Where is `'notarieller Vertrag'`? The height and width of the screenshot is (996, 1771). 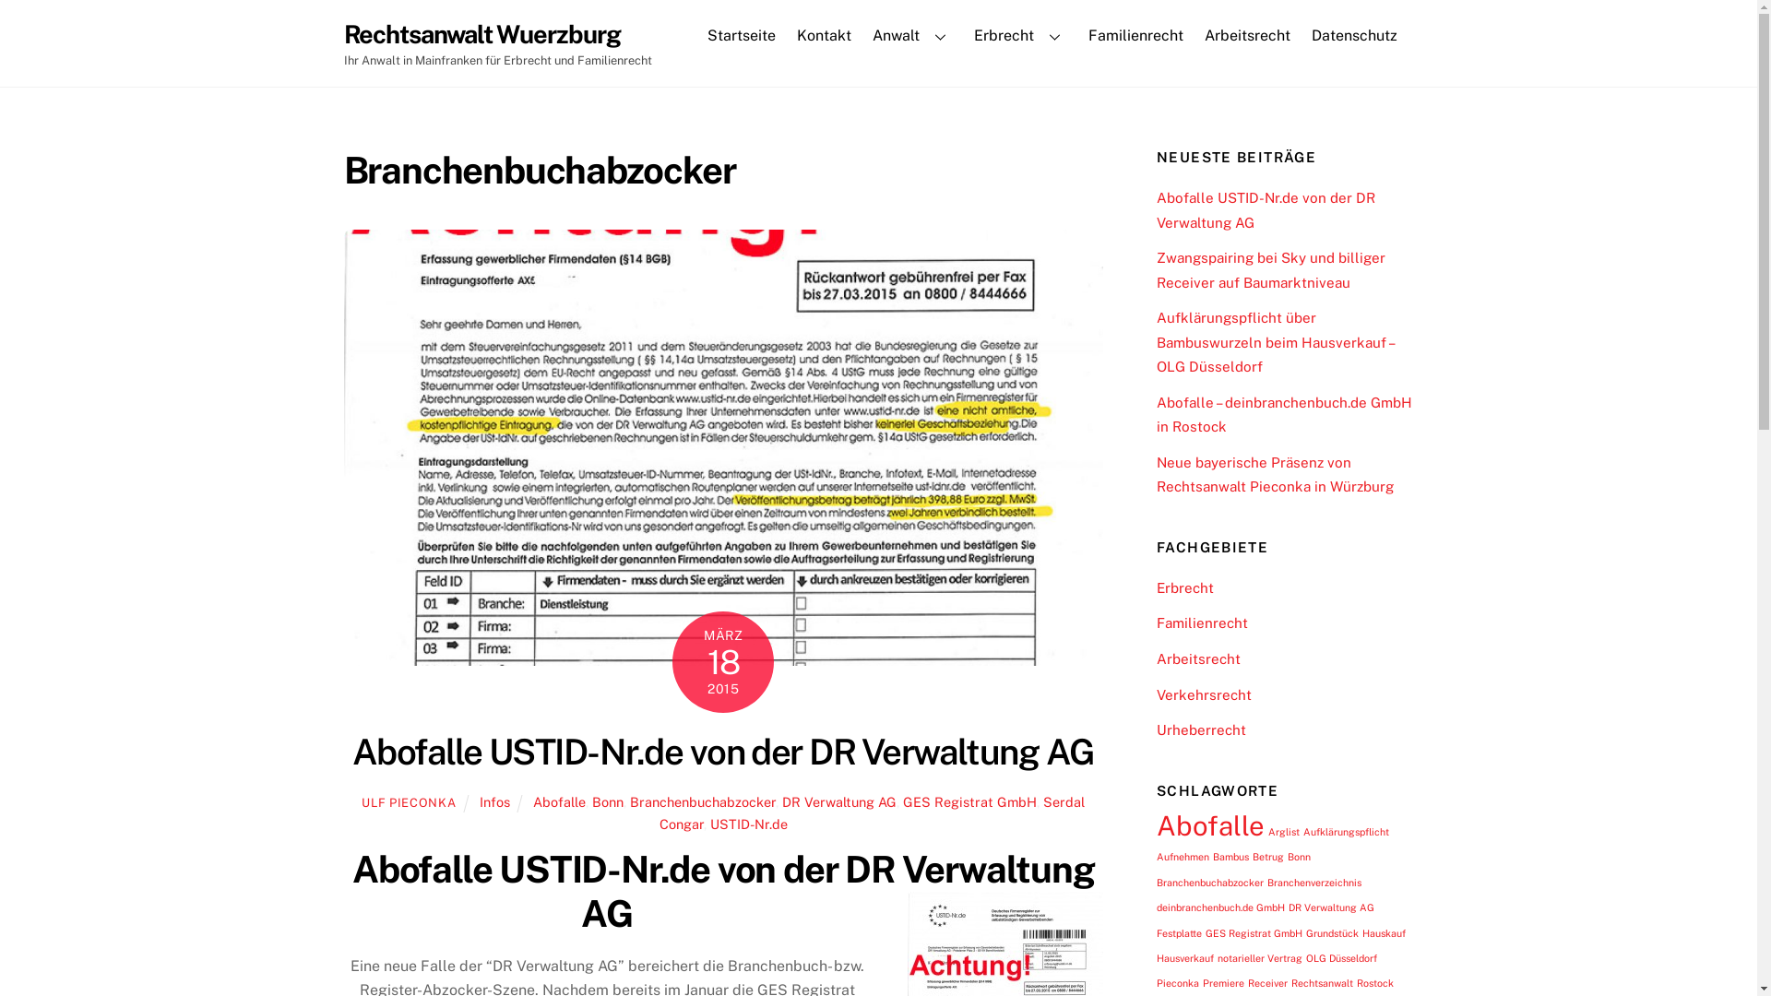
'notarieller Vertrag' is located at coordinates (1259, 956).